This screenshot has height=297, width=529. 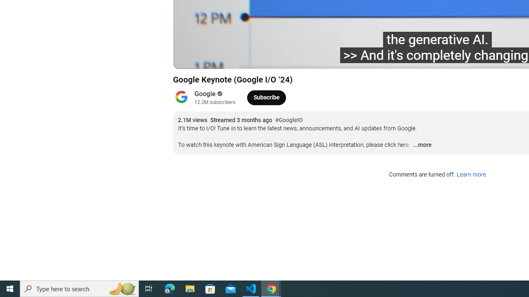 What do you see at coordinates (289, 120) in the screenshot?
I see `'#GoogleIO'` at bounding box center [289, 120].